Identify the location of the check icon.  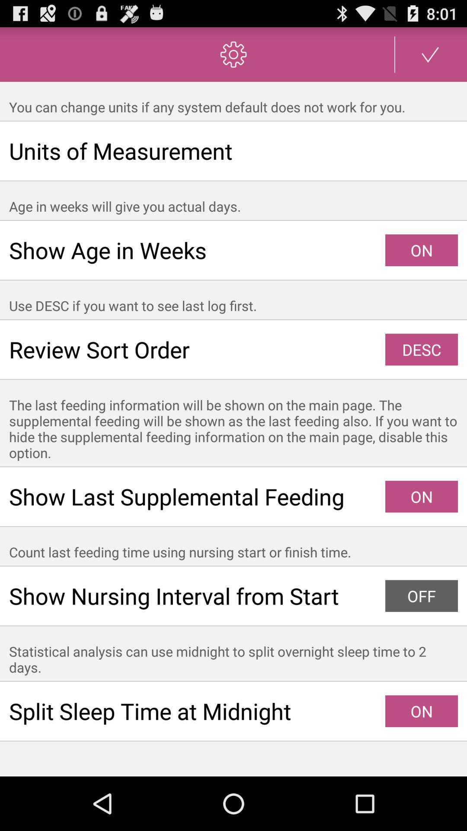
(430, 58).